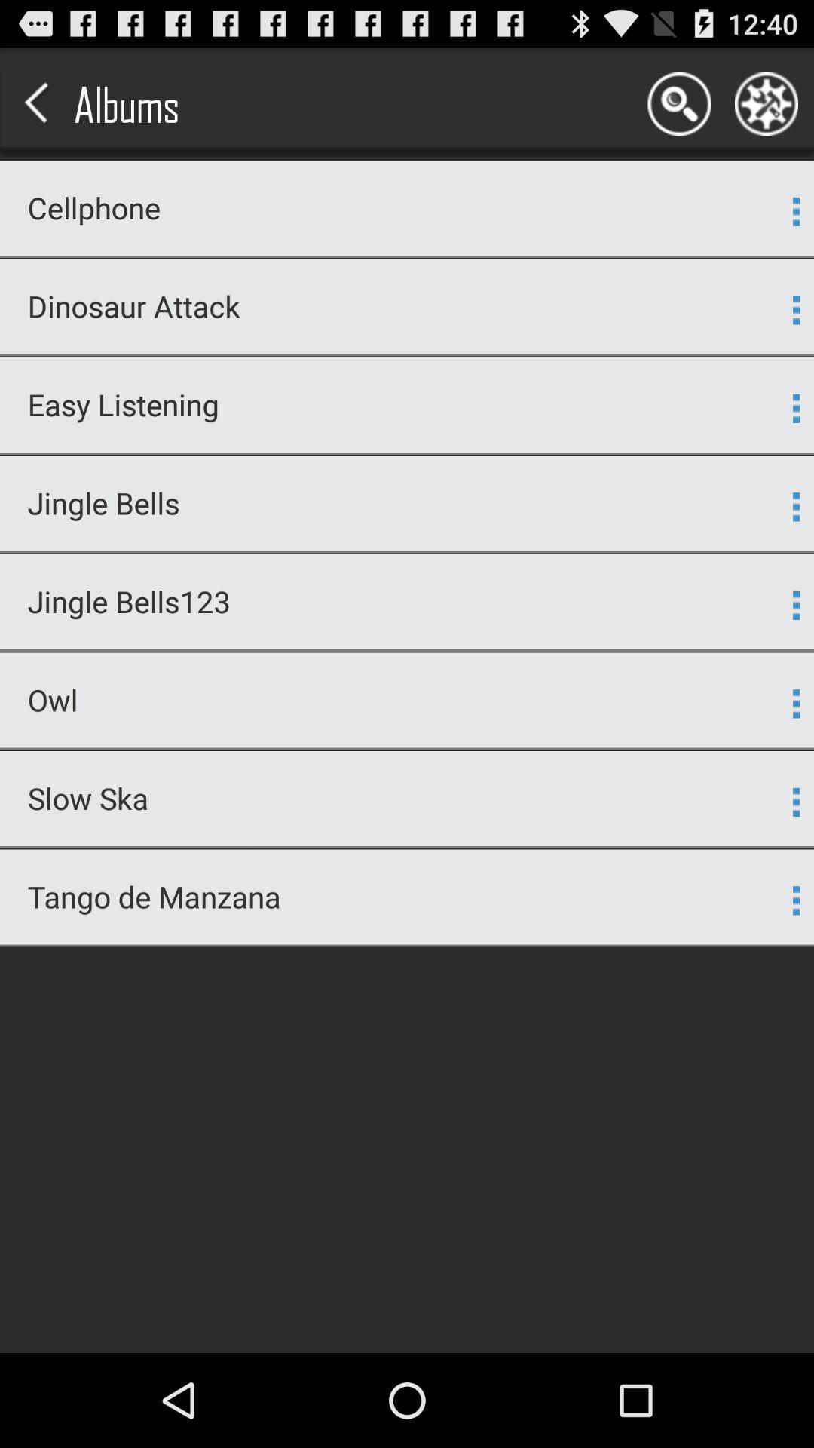  What do you see at coordinates (767, 110) in the screenshot?
I see `the build icon` at bounding box center [767, 110].